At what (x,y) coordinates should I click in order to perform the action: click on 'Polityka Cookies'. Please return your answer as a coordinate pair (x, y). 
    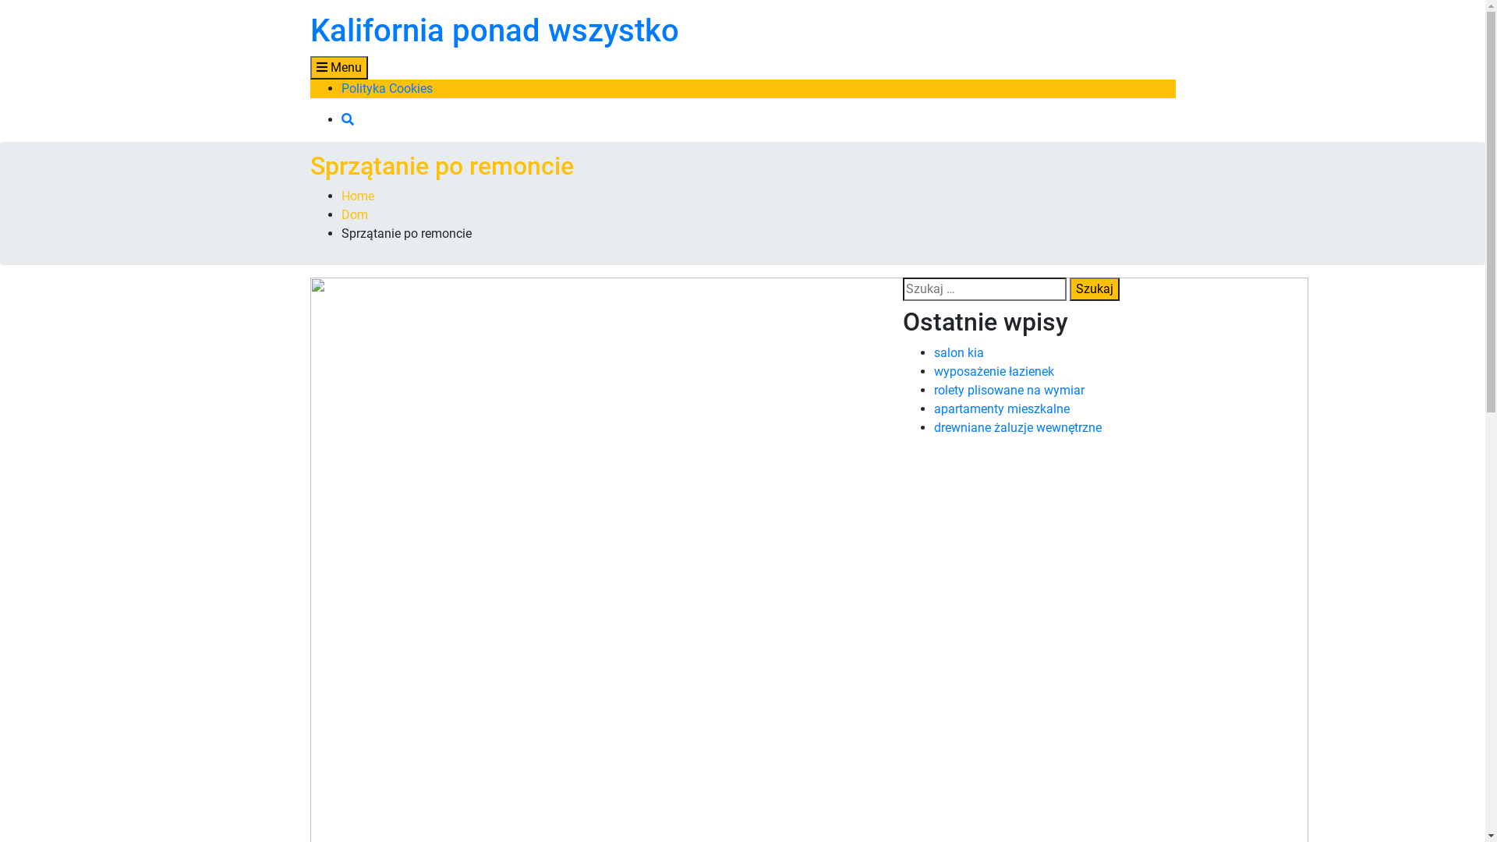
    Looking at the image, I should click on (340, 88).